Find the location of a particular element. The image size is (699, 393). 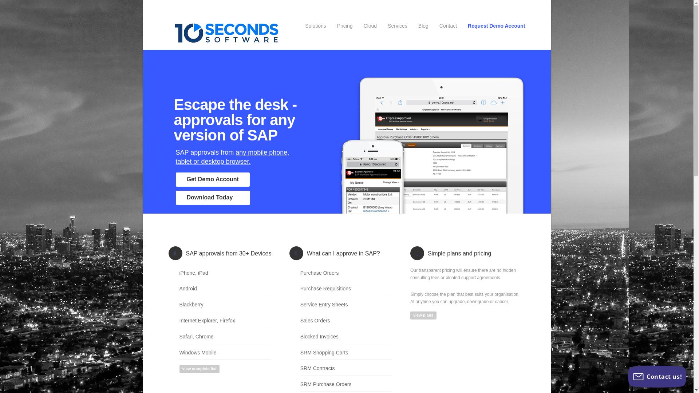

'Contact' is located at coordinates (439, 27).